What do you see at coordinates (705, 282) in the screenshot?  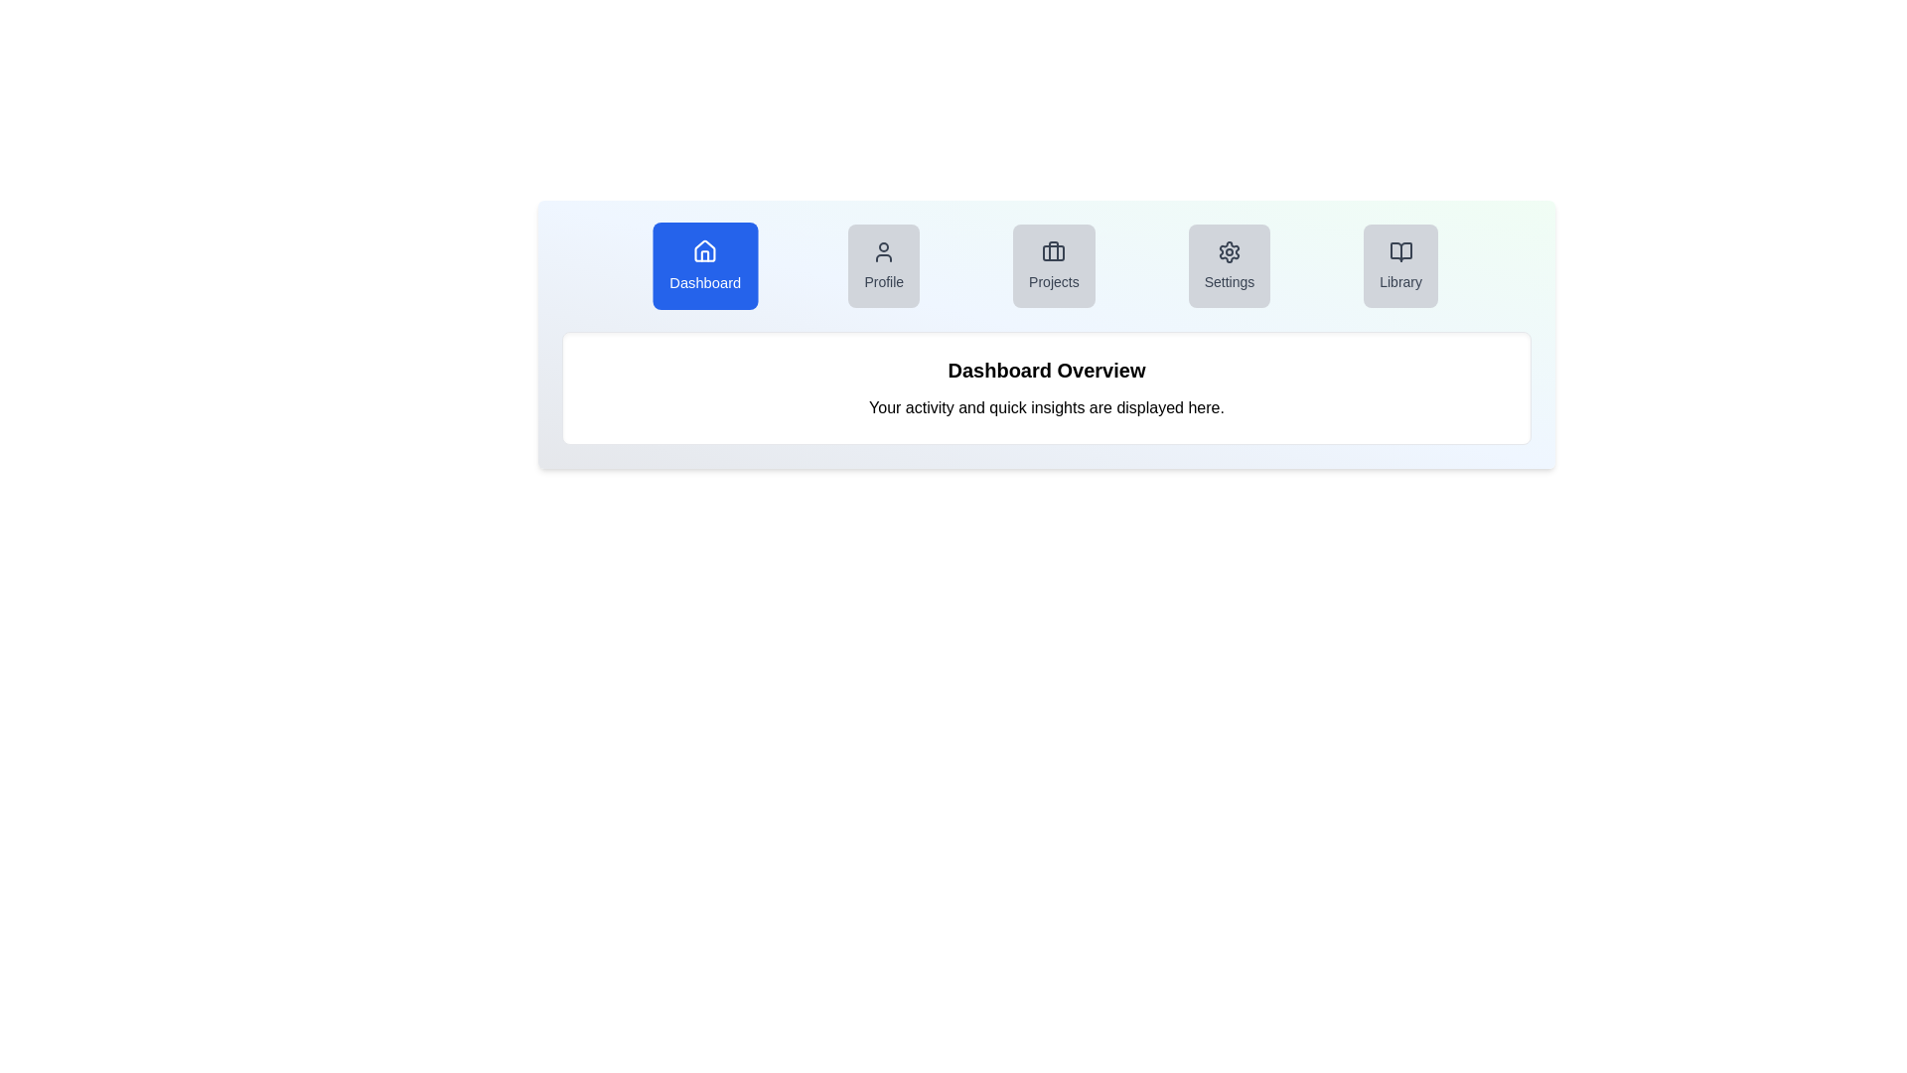 I see `the static text element displaying 'Dashboard', which is styled in blue and positioned below a house-shaped icon in the navigation grid` at bounding box center [705, 282].